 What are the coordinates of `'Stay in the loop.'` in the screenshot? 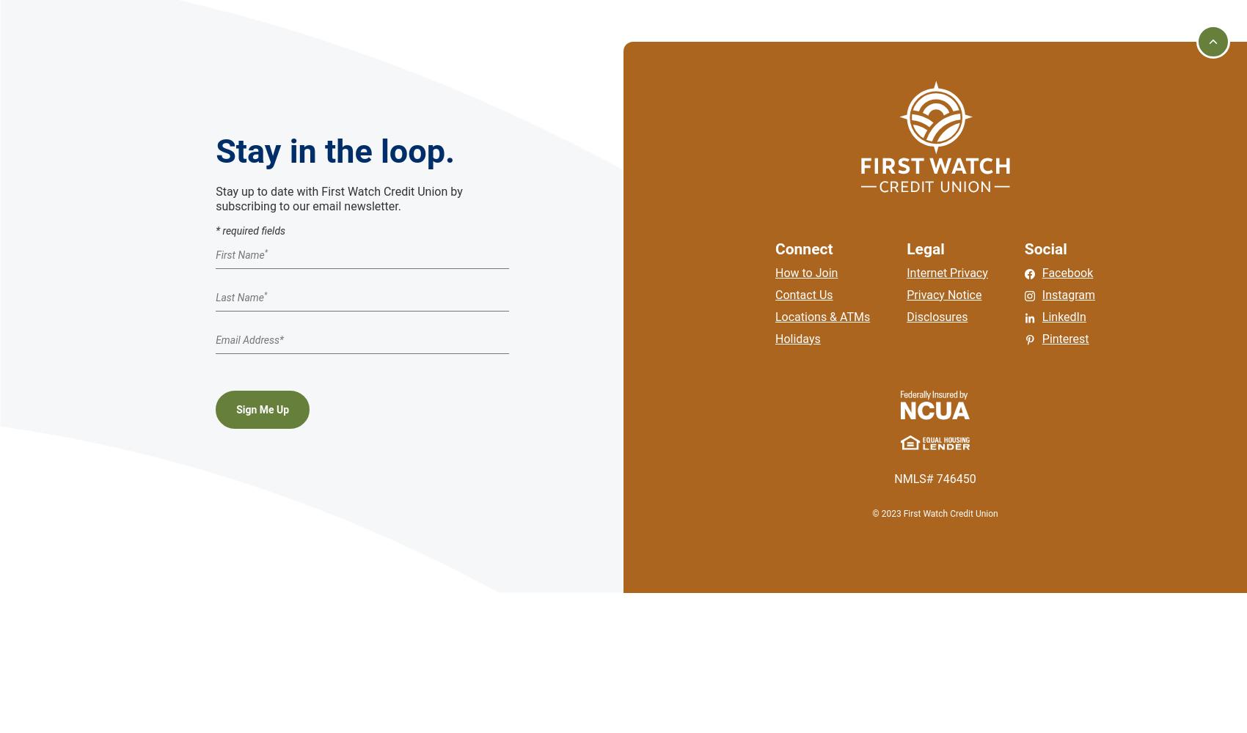 It's located at (334, 150).